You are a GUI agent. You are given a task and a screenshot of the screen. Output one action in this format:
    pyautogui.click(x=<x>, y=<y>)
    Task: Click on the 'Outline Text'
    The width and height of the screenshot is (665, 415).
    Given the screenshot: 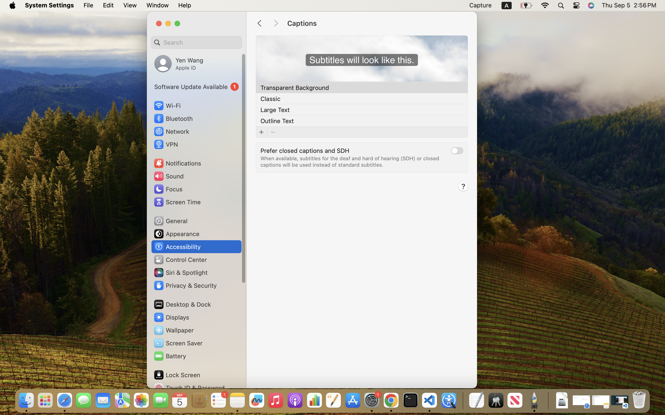 What is the action you would take?
    pyautogui.click(x=277, y=120)
    